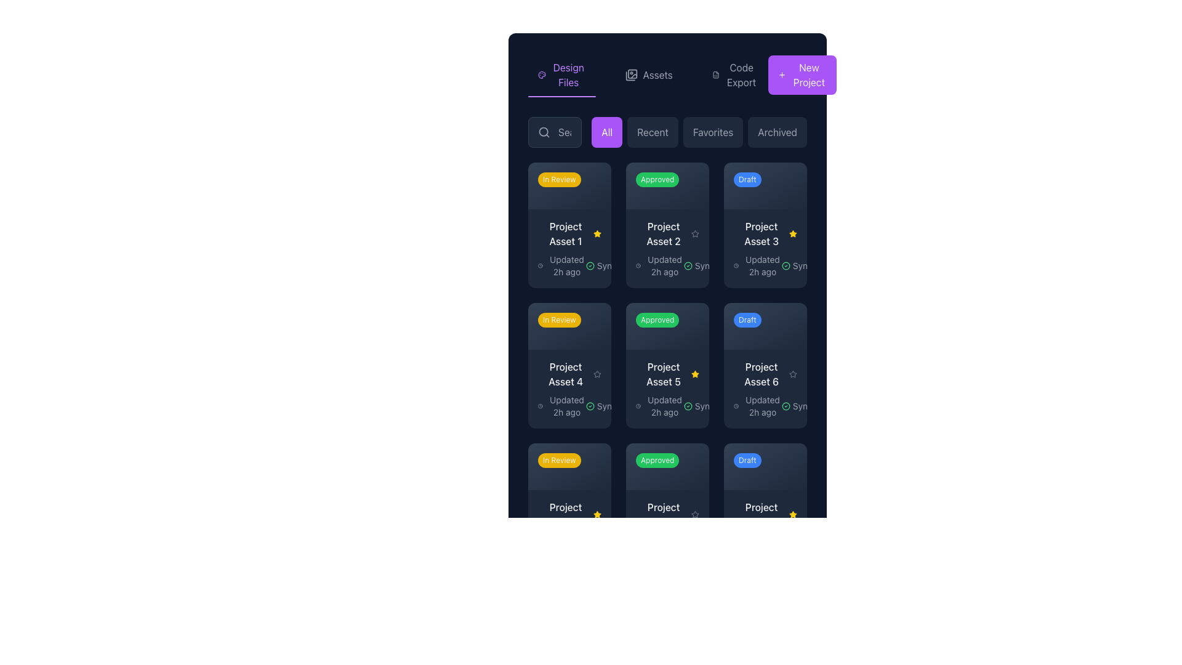 The image size is (1182, 665). What do you see at coordinates (747, 180) in the screenshot?
I see `the small blue rounded rectangle labeled 'Draft', located at the top-left corner of the project card` at bounding box center [747, 180].